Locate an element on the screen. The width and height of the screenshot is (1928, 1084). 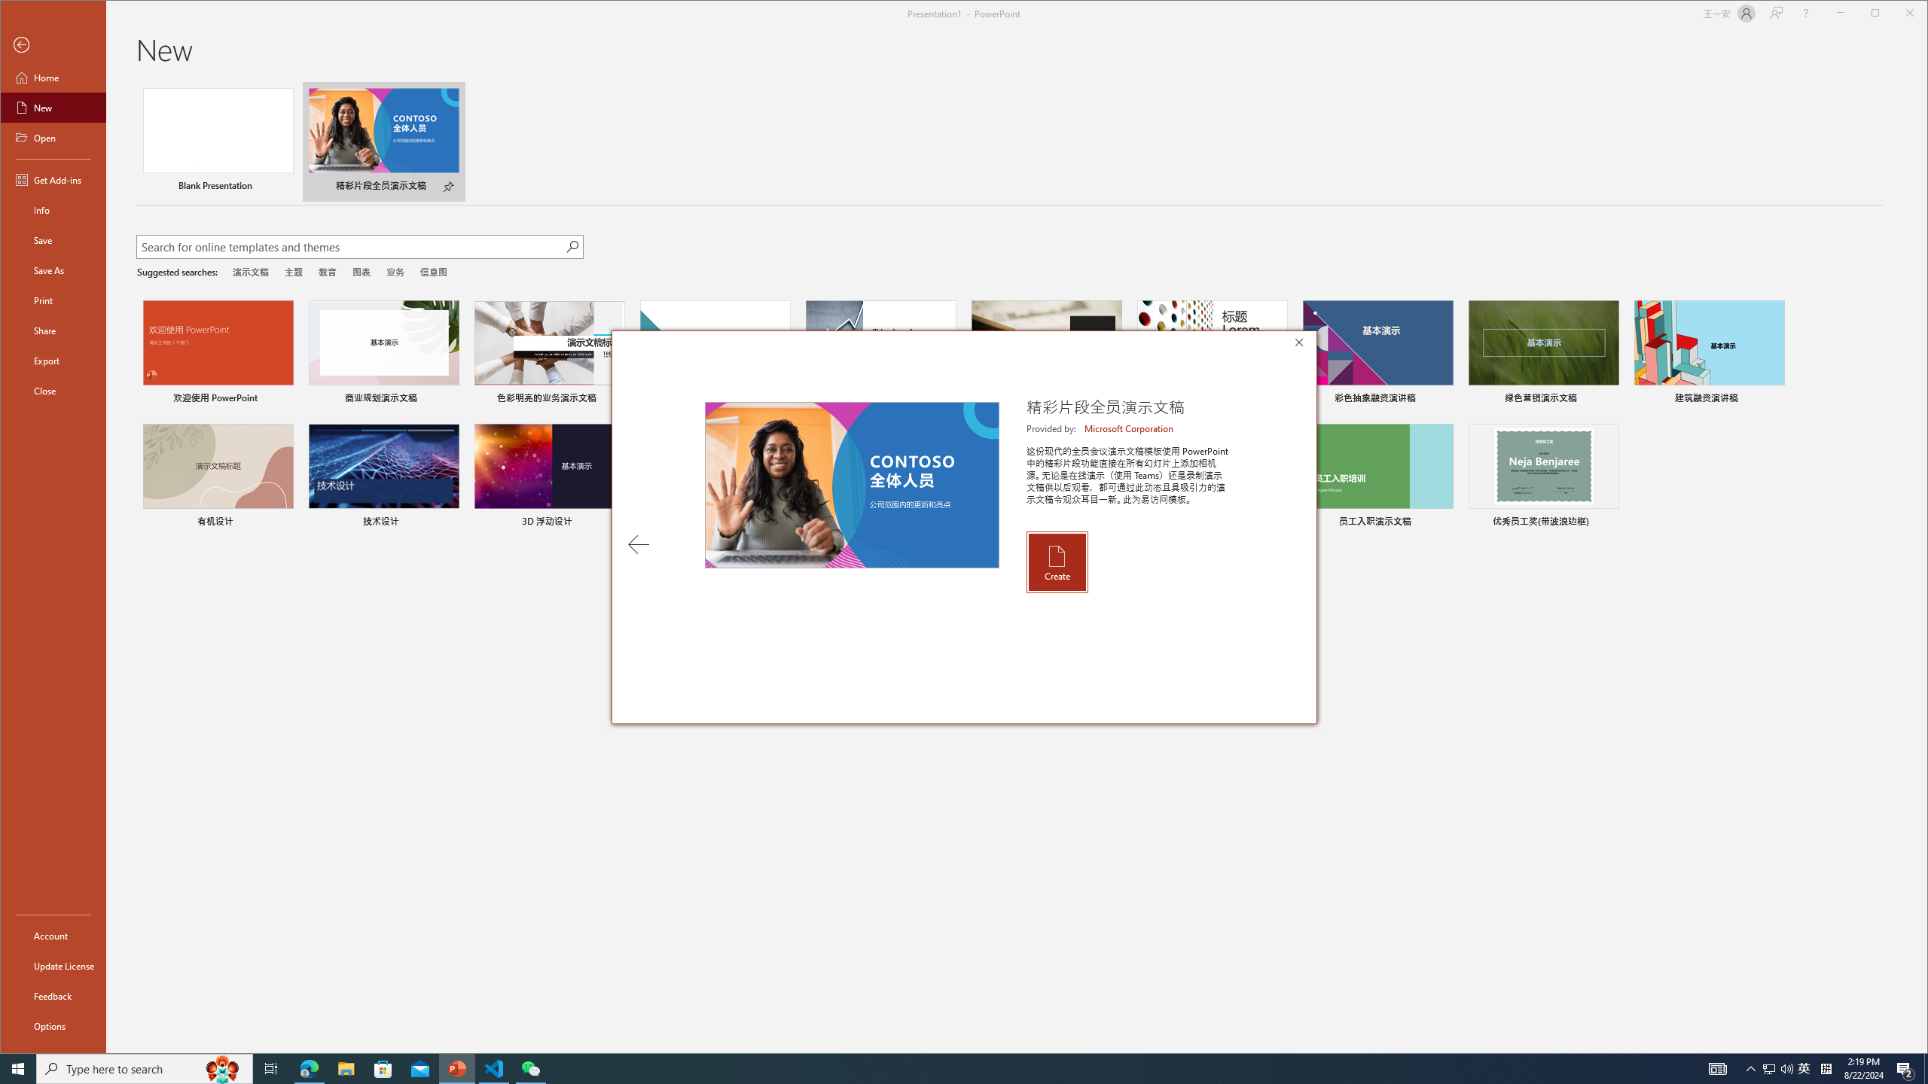
'Visual Studio Code - 1 running window' is located at coordinates (494, 1067).